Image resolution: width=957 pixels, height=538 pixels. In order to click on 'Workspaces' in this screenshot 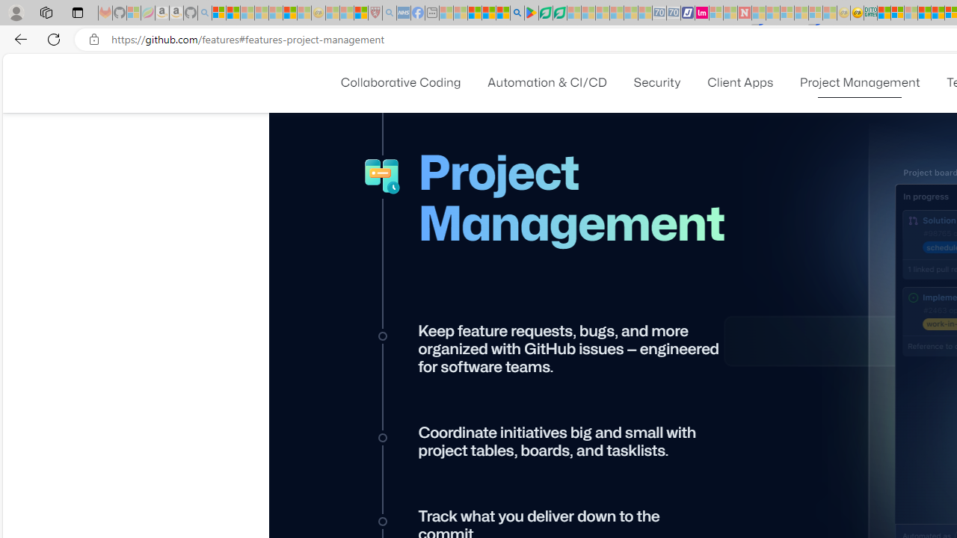, I will do `click(46, 12)`.